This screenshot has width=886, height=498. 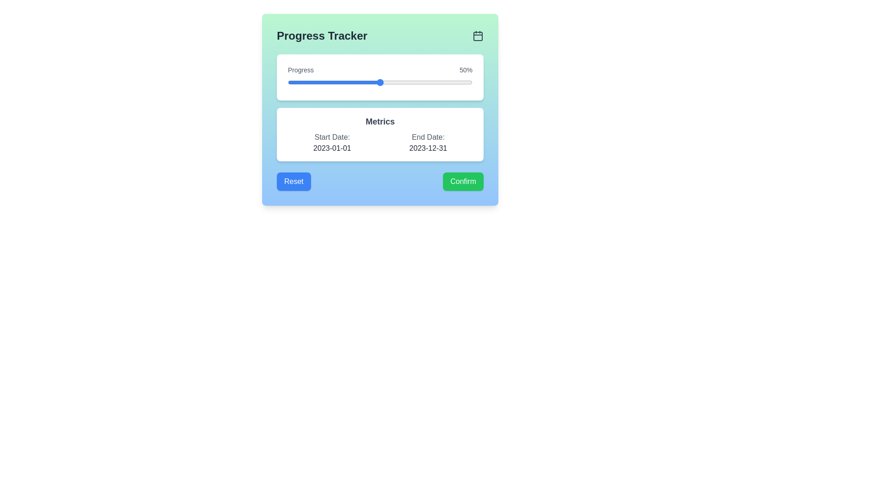 What do you see at coordinates (348, 82) in the screenshot?
I see `the progress` at bounding box center [348, 82].